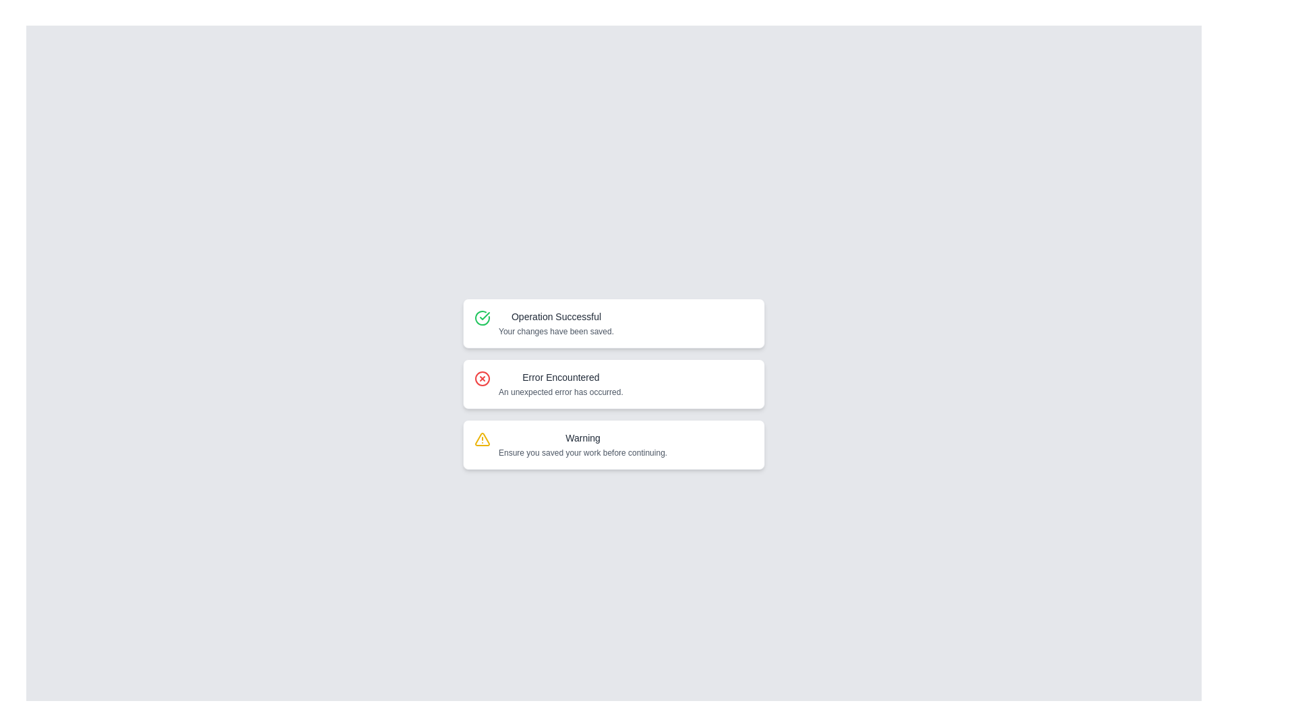 This screenshot has width=1294, height=728. I want to click on text label providing confirmation of successful changes, positioned below the 'Operation Successful' message in the top notification card, so click(556, 332).